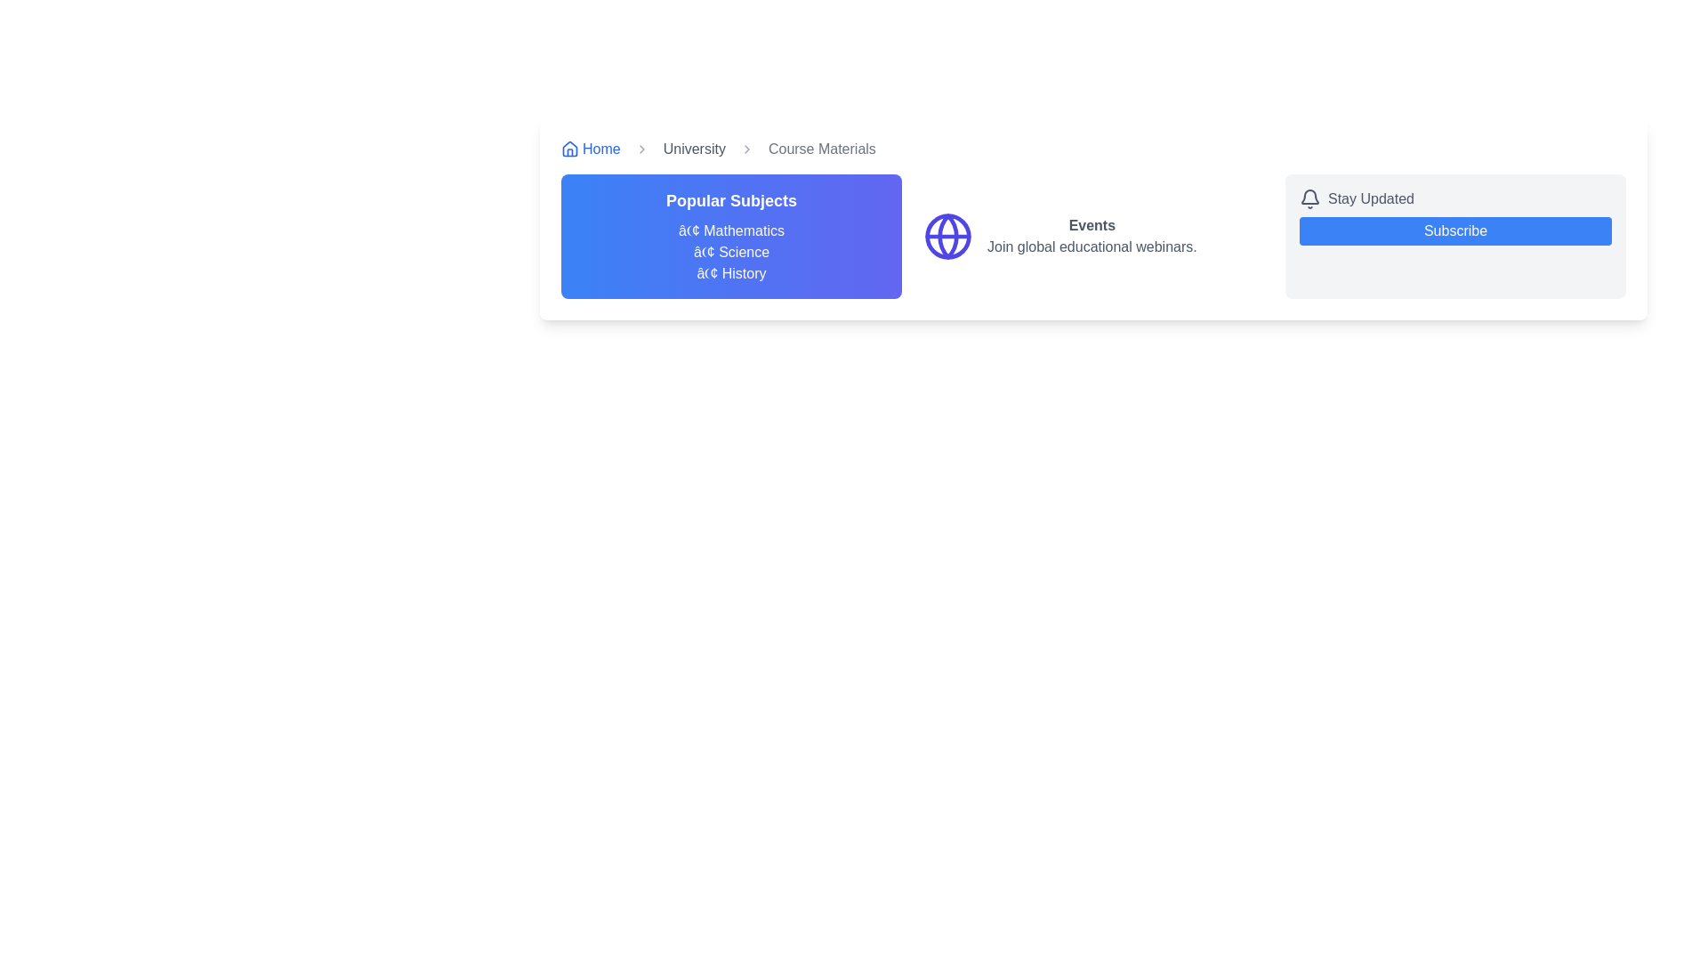 This screenshot has width=1708, height=961. Describe the element at coordinates (1370, 198) in the screenshot. I see `the text label 'Stay Updated' which is styled in dark gray on a white background, positioned to the right of a bell icon and above a blue 'Subscribe' button` at that location.